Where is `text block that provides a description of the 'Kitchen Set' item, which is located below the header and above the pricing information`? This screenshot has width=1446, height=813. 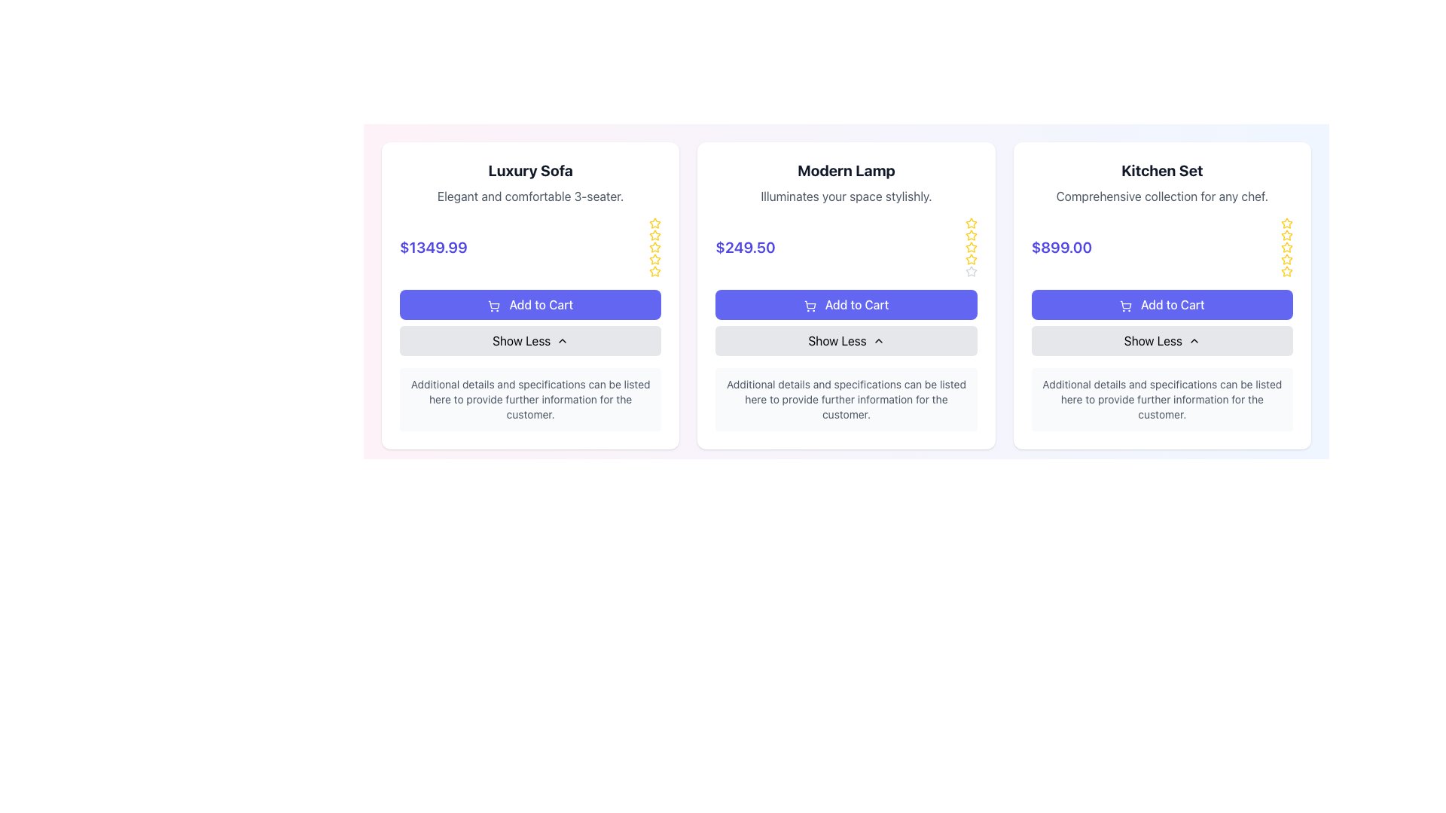
text block that provides a description of the 'Kitchen Set' item, which is located below the header and above the pricing information is located at coordinates (1161, 196).